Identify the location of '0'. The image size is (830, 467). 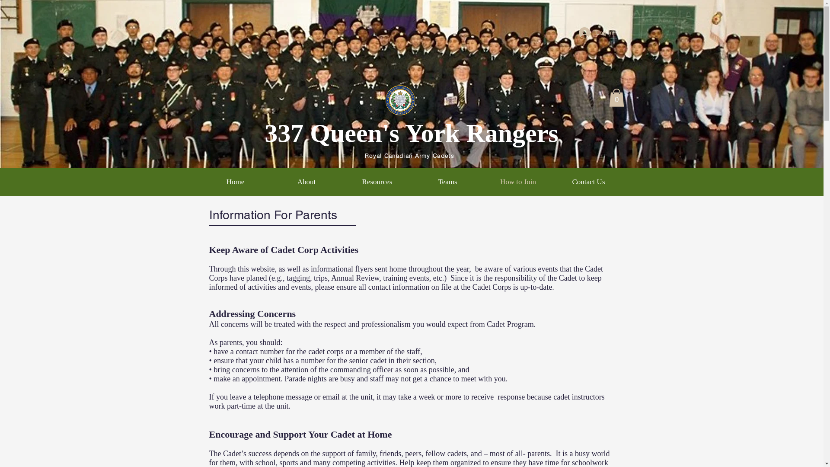
(608, 97).